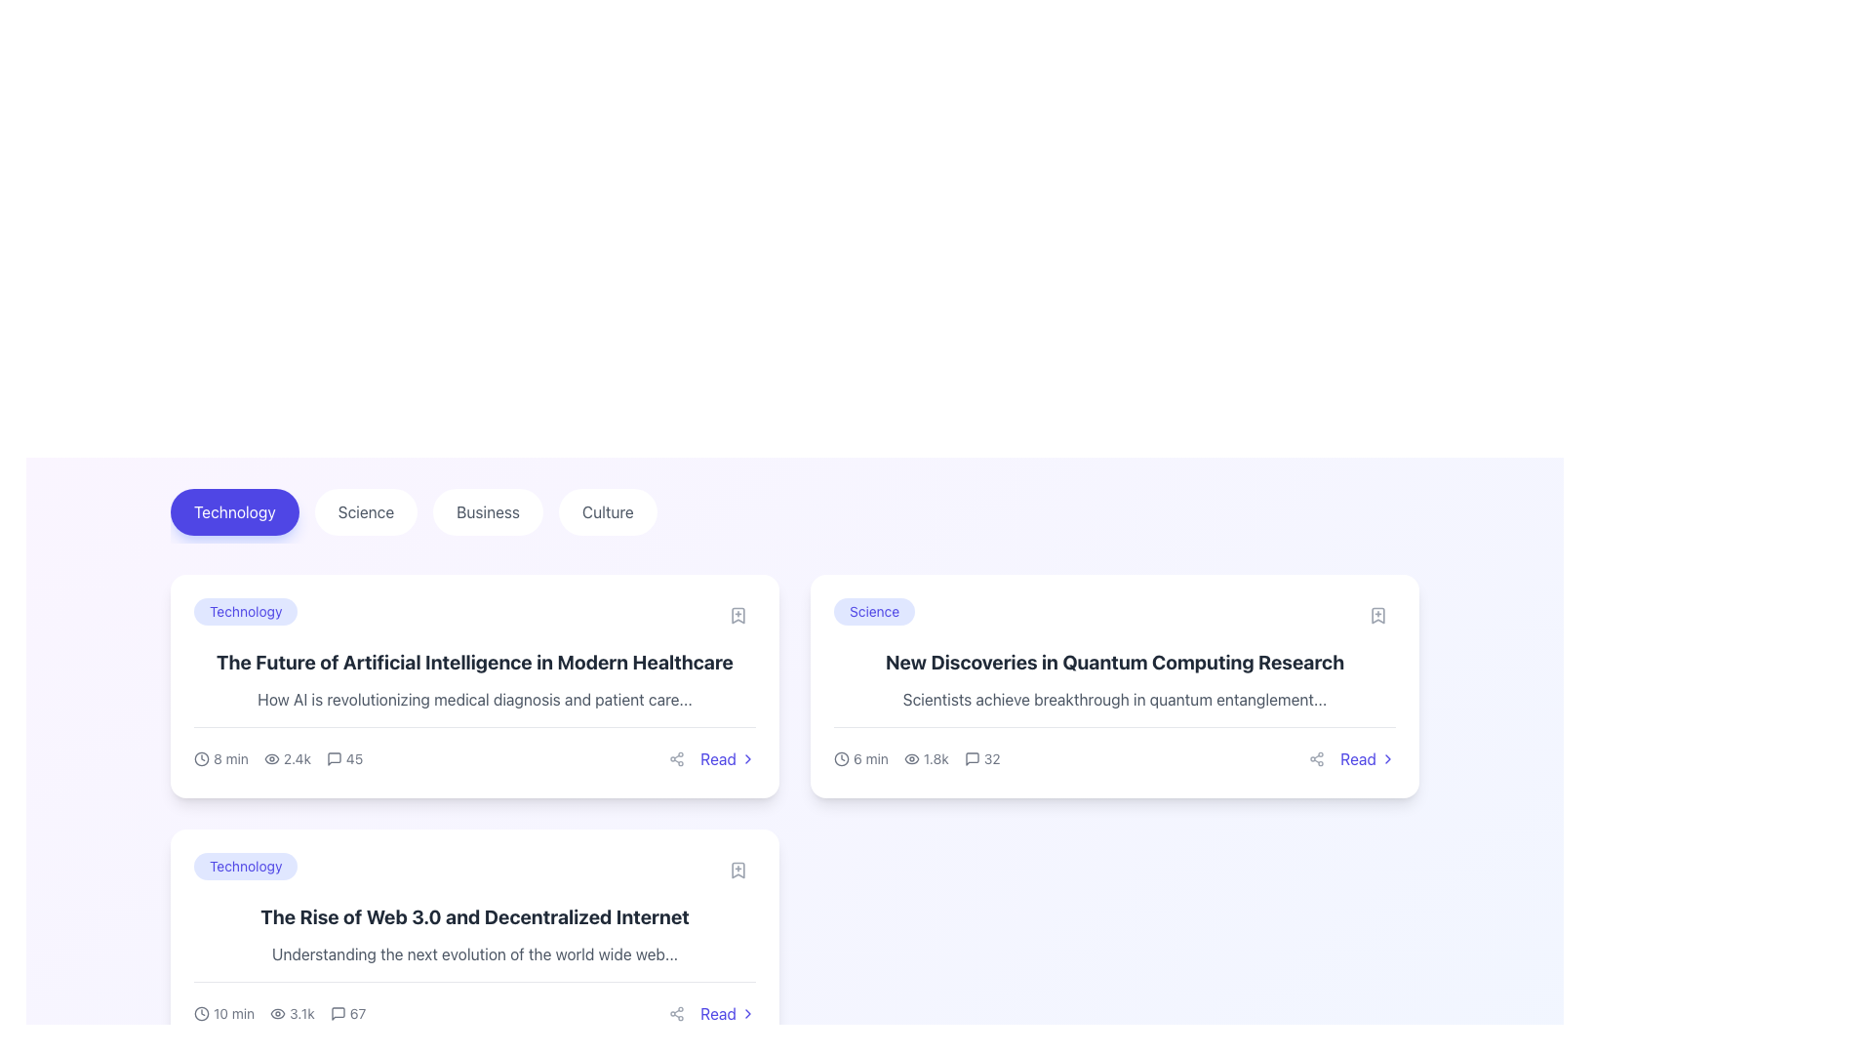 Image resolution: width=1873 pixels, height=1054 pixels. I want to click on the icon that visually indicates view counts, positioned to the left of the numerical text '3.1k' below the article titled 'The Rise of Web 3.0 and Decentralized Internet', so click(277, 1012).